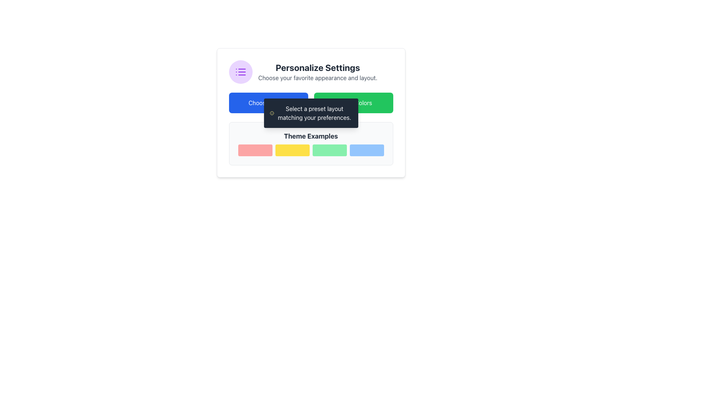 This screenshot has height=397, width=707. Describe the element at coordinates (240, 72) in the screenshot. I see `the circular icon with a light purple background and a list graphic, located within the 'Personalize Settings' card, positioned to the left of the heading text` at that location.